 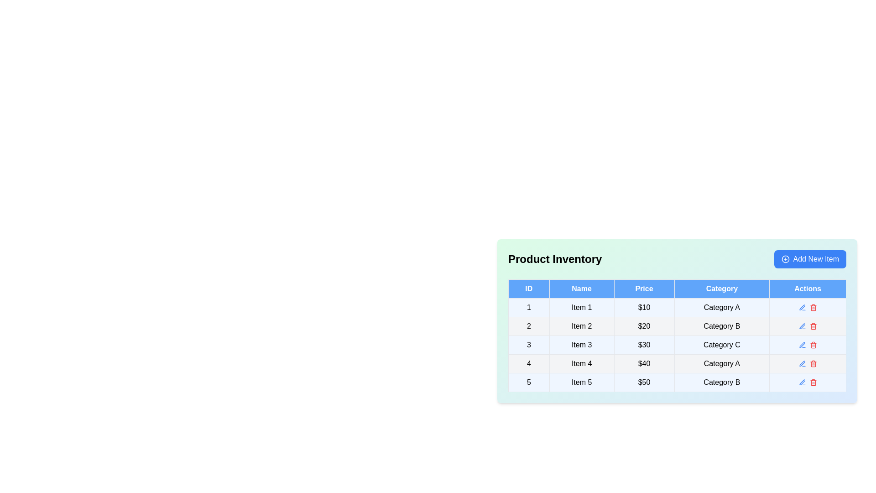 I want to click on the non-interactive header labeled 'Category' in the blue background header row of the table, so click(x=721, y=288).